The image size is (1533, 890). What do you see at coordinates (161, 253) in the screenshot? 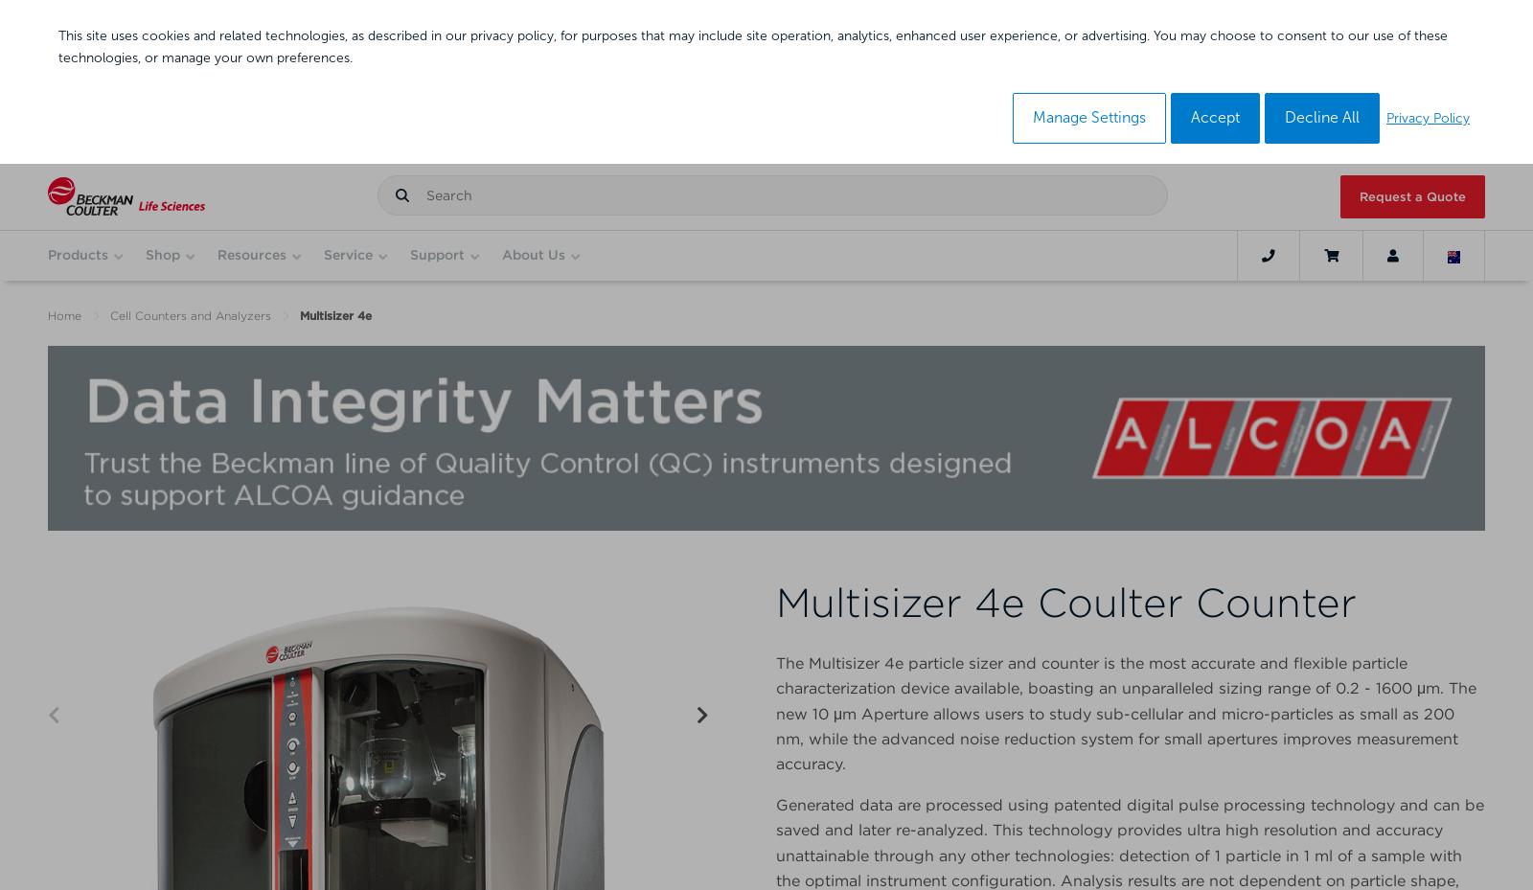
I see `'Shop'` at bounding box center [161, 253].